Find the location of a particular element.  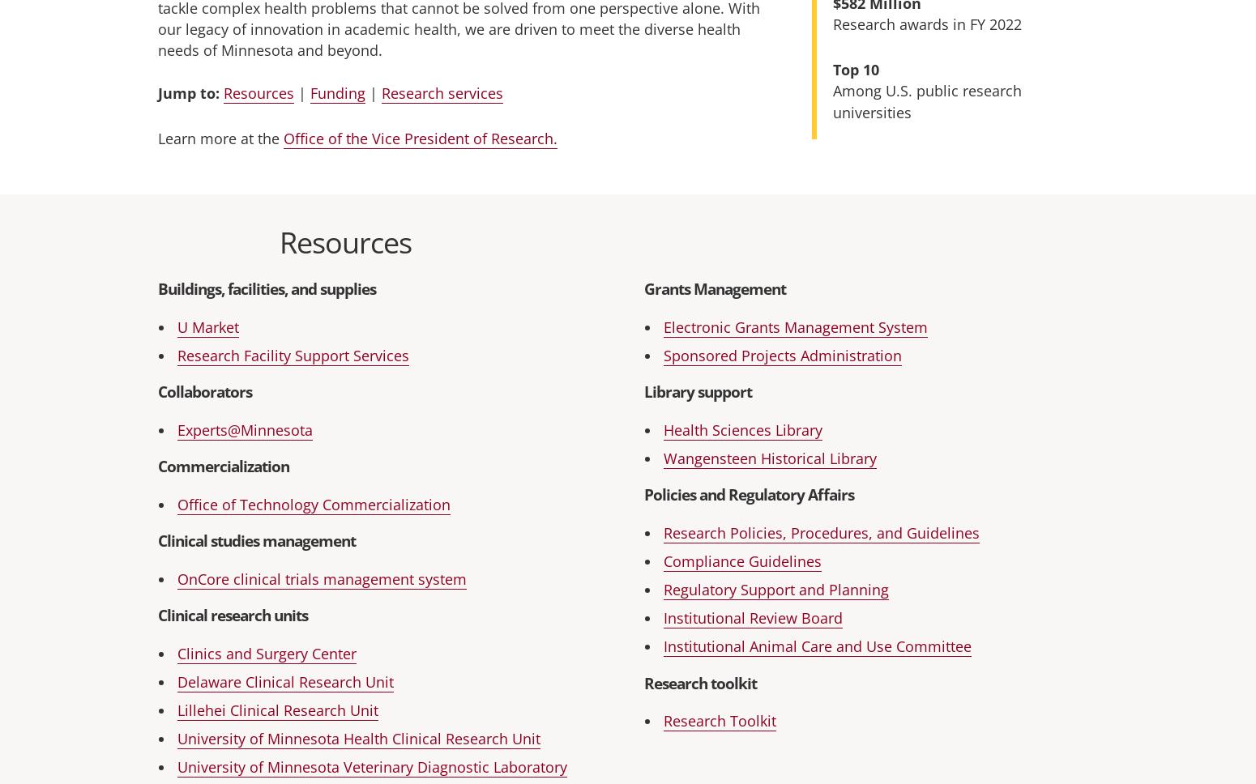

'Wangensteen Historical Library' is located at coordinates (769, 458).